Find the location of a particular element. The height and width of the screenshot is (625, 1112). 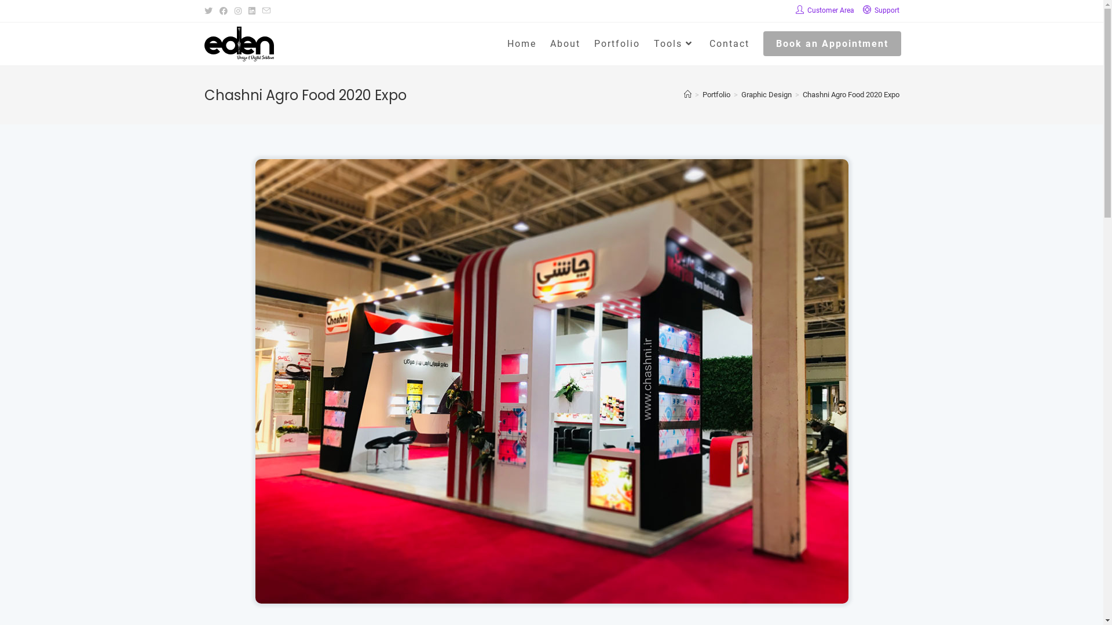

'+374 95 088809' is located at coordinates (244, 465).